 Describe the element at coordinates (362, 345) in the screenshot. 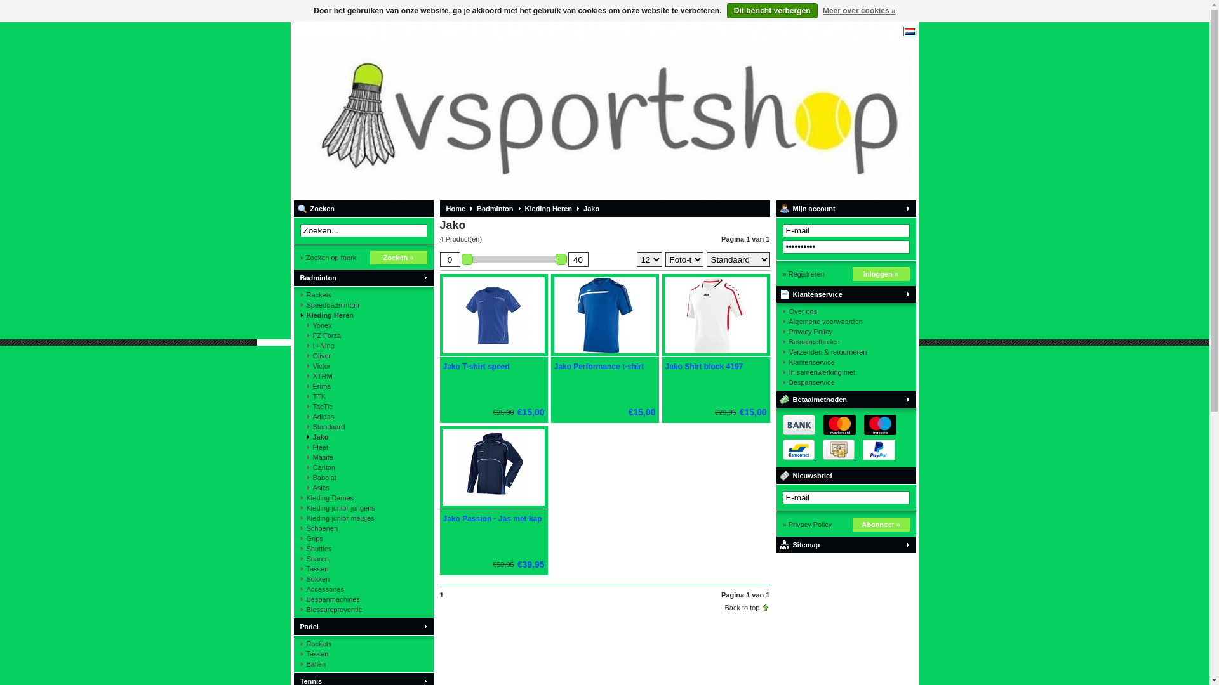

I see `'Li Ning'` at that location.